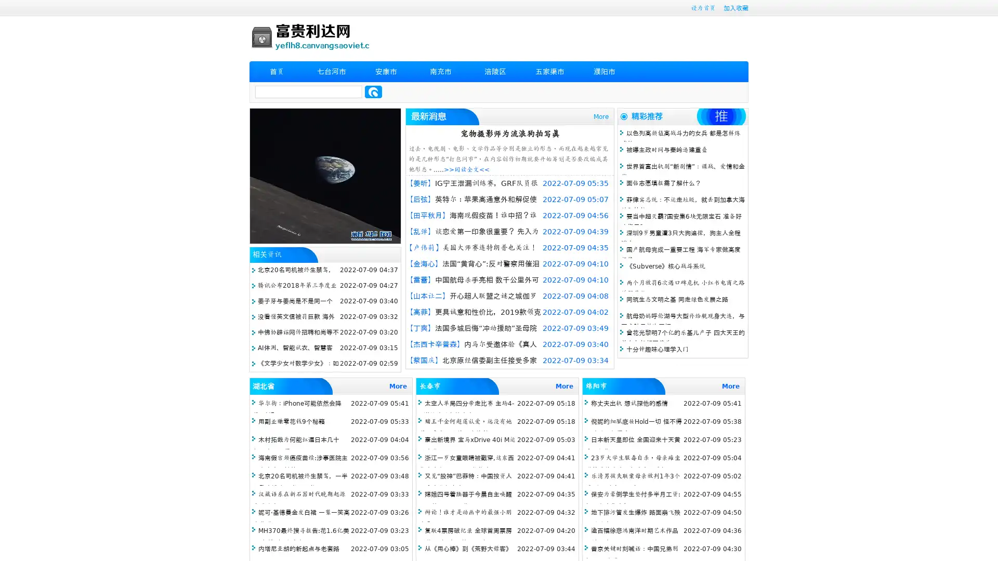 The width and height of the screenshot is (998, 561). Describe the element at coordinates (373, 91) in the screenshot. I see `Search` at that location.